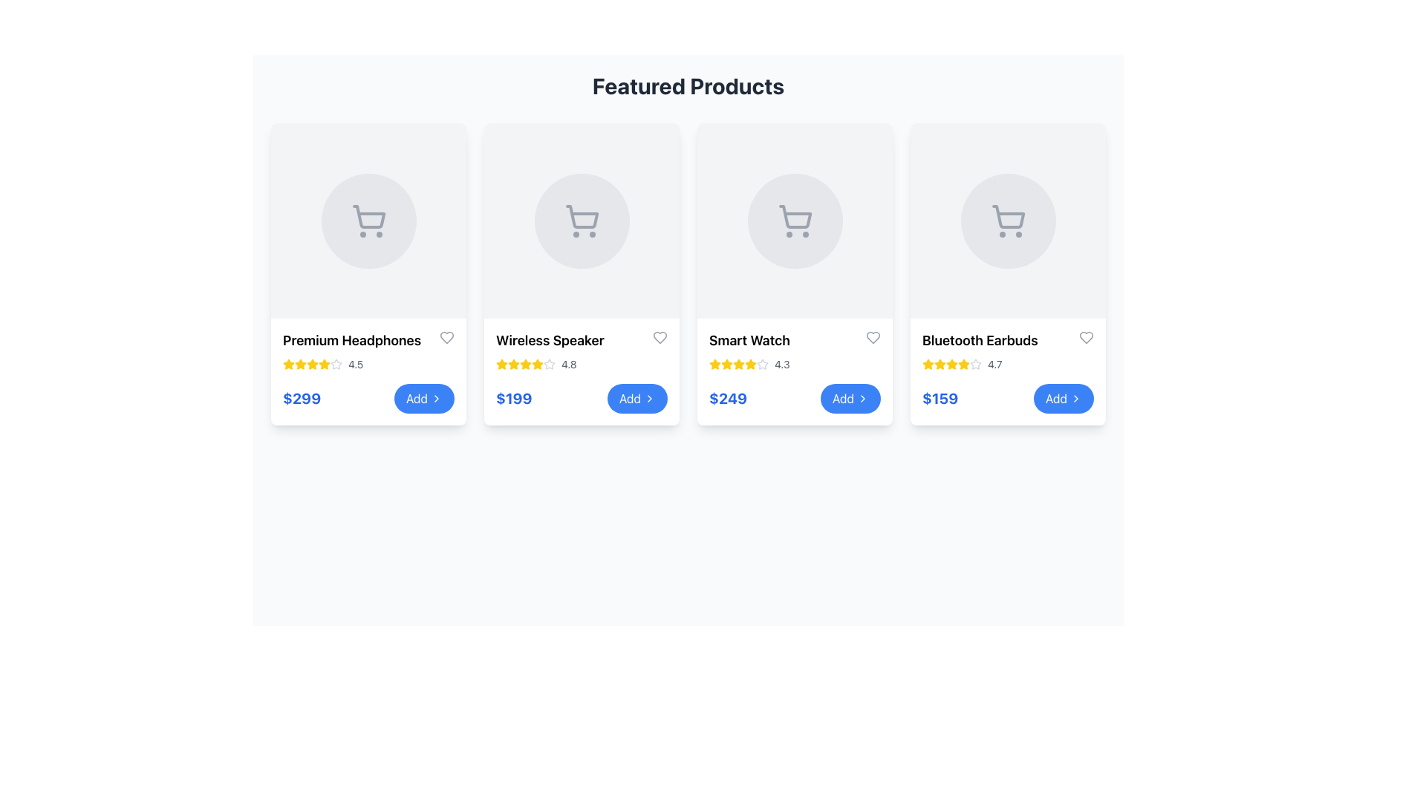 The height and width of the screenshot is (802, 1426). I want to click on the shopping cart icon, which is styled with a thin stroke and gray color, located in the center of the fourth product card for 'Bluetooth Earbuds', so click(1008, 221).